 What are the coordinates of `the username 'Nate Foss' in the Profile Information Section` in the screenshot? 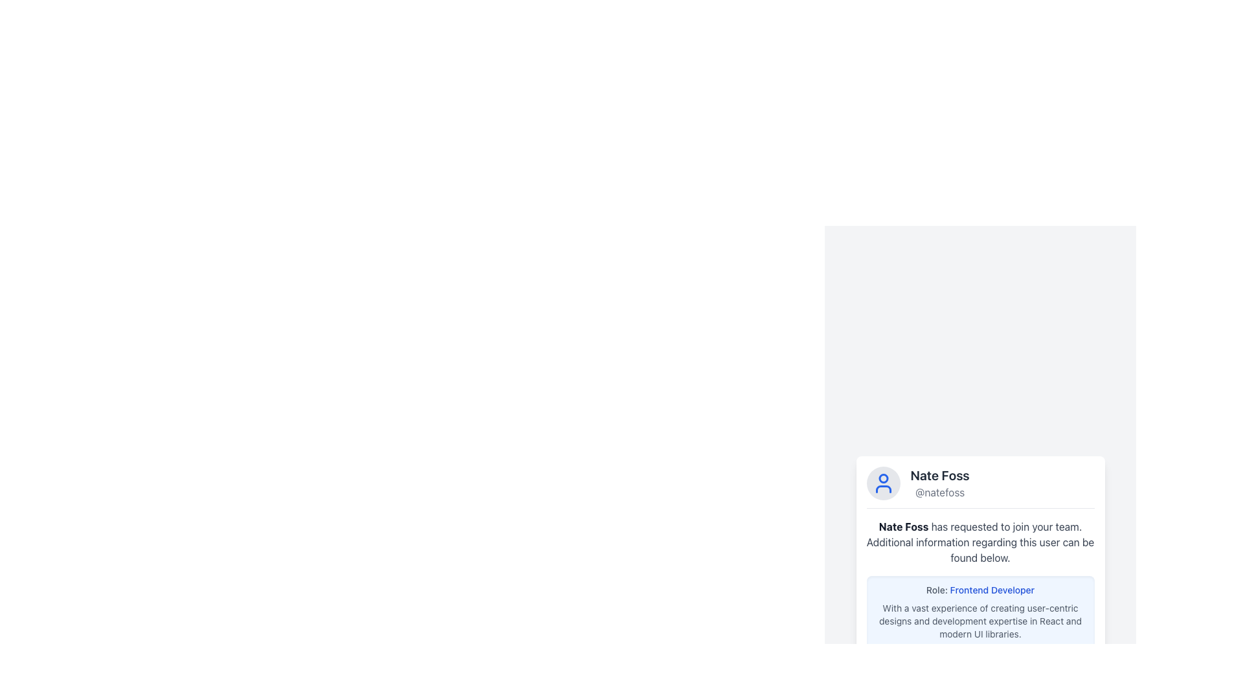 It's located at (980, 487).